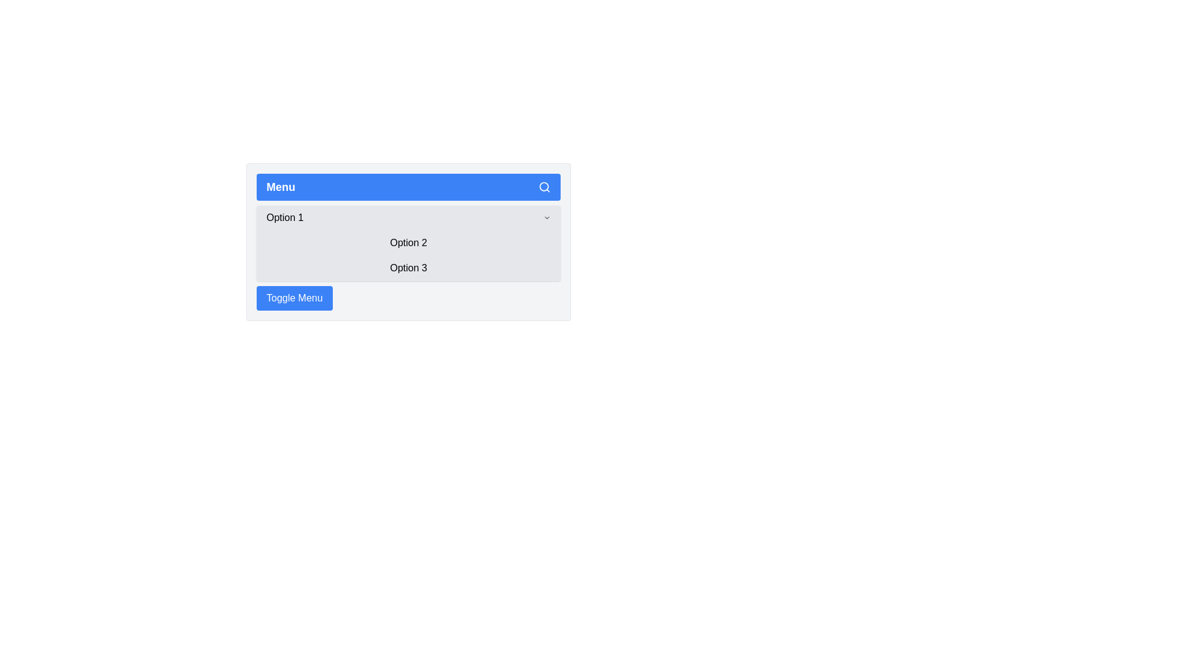  I want to click on the search icon located at the top-right corner of the blue 'Menu' banner to initiate the search feature, so click(544, 187).